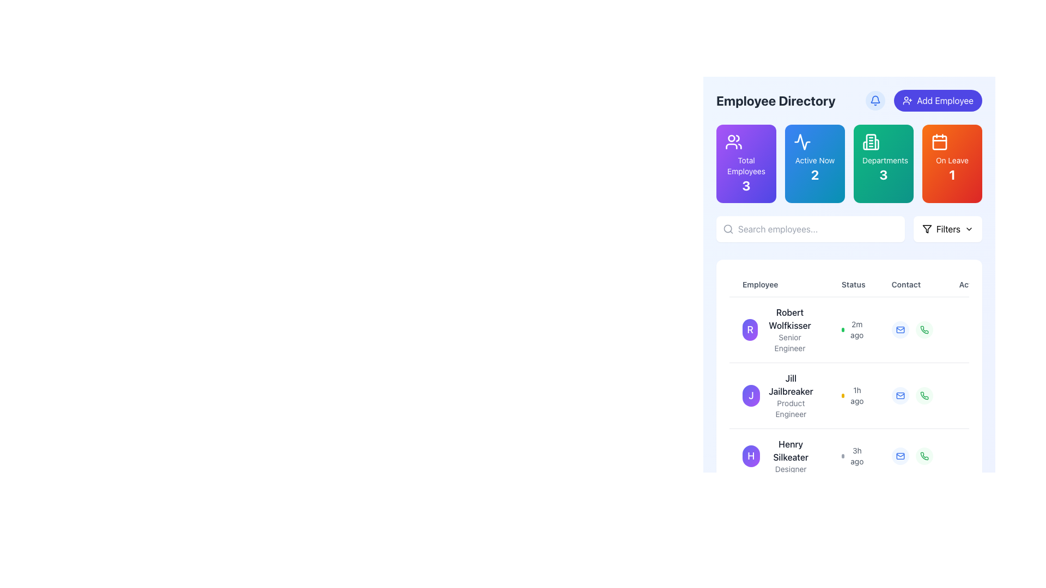  What do you see at coordinates (815, 160) in the screenshot?
I see `text label that displays 'Active Now', which is styled in white on a gradient blue to cyan background, located near the top center of the card` at bounding box center [815, 160].